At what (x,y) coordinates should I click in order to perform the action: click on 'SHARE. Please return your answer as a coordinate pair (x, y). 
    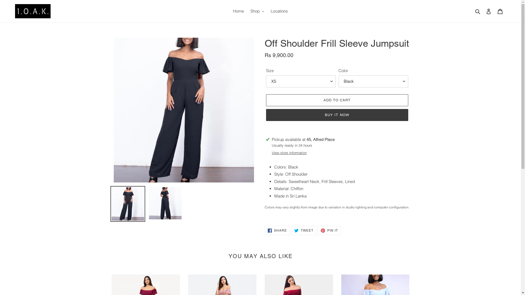
    Looking at the image, I should click on (277, 231).